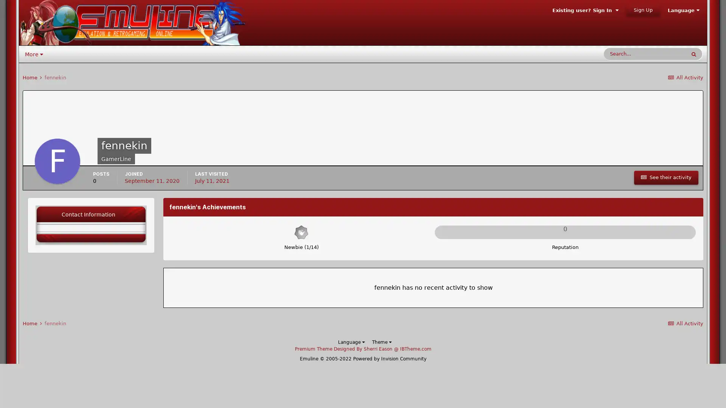  Describe the element at coordinates (693, 53) in the screenshot. I see `Search` at that location.